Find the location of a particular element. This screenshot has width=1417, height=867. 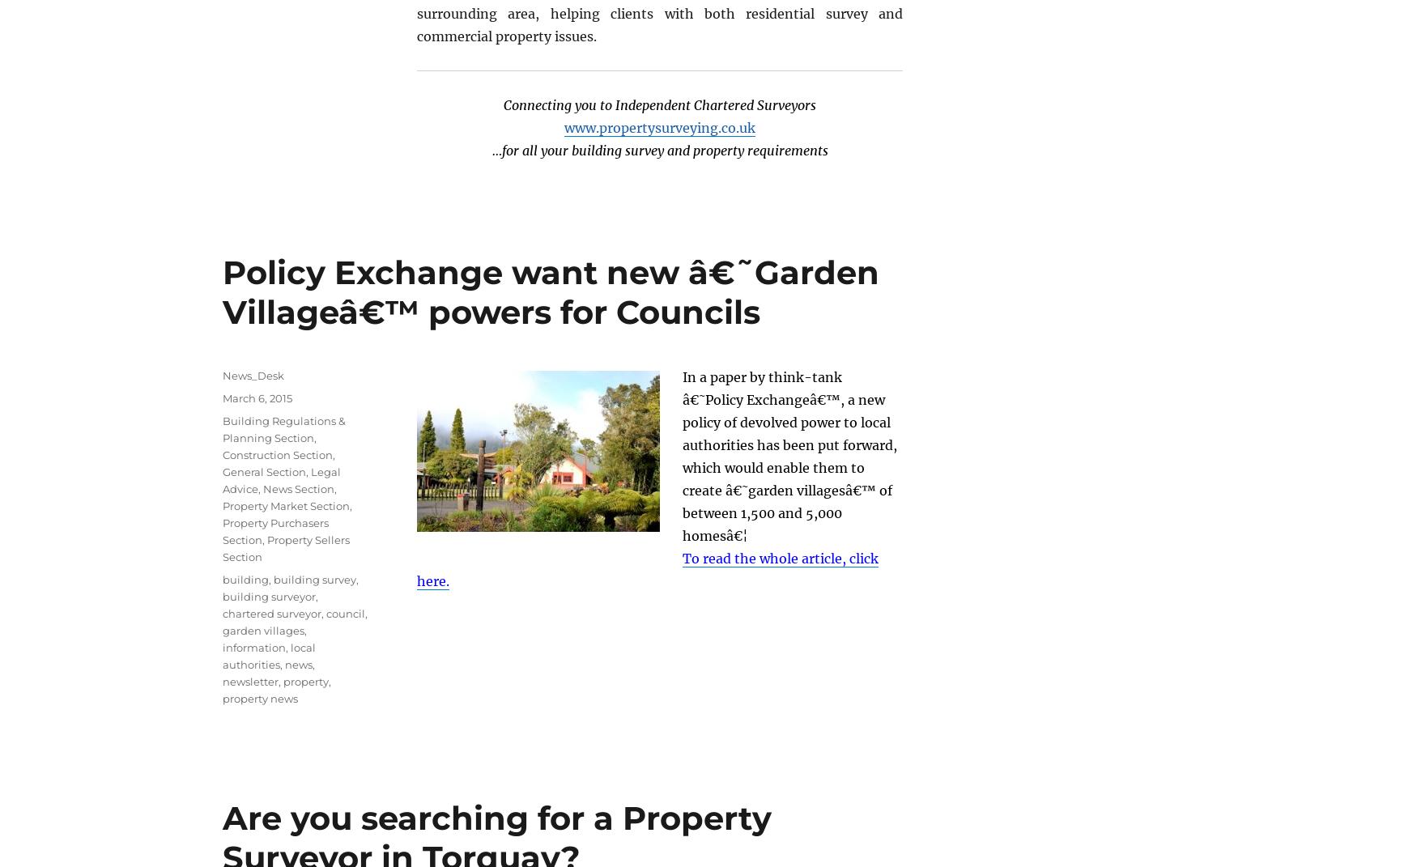

'newsletter' is located at coordinates (249, 679).